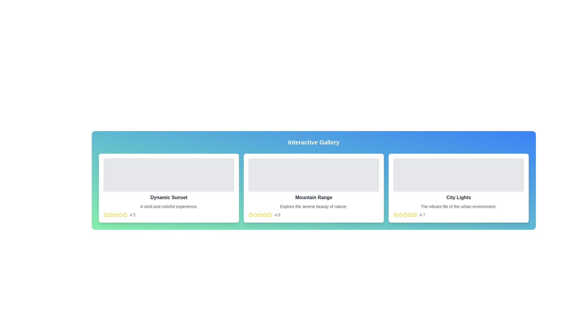 The height and width of the screenshot is (321, 570). What do you see at coordinates (169, 197) in the screenshot?
I see `text from the title label of the first card in the horizontal gallery layout, positioned above the description text and below the placeholder image` at bounding box center [169, 197].